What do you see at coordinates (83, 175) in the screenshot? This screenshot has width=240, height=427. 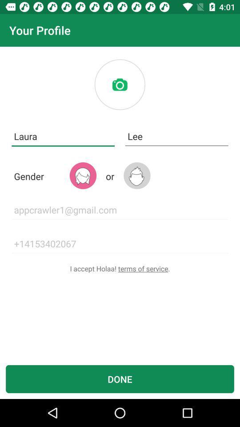 I see `gender is female` at bounding box center [83, 175].